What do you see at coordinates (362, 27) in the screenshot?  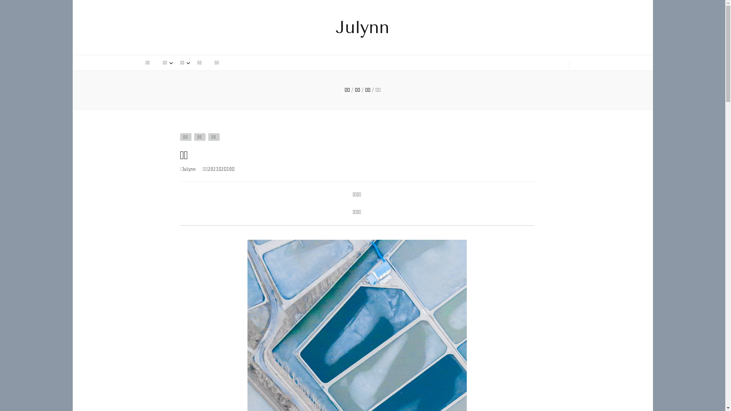 I see `'Julynn'` at bounding box center [362, 27].